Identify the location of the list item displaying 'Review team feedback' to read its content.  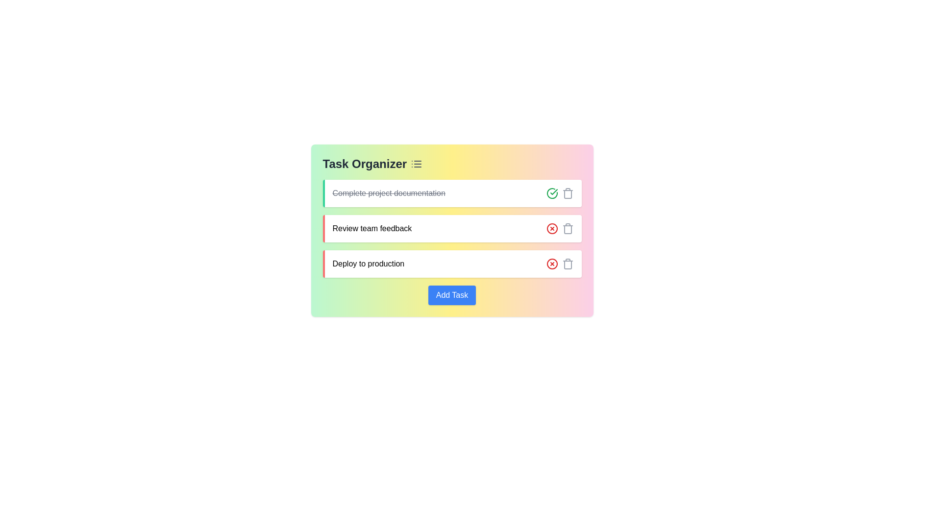
(451, 228).